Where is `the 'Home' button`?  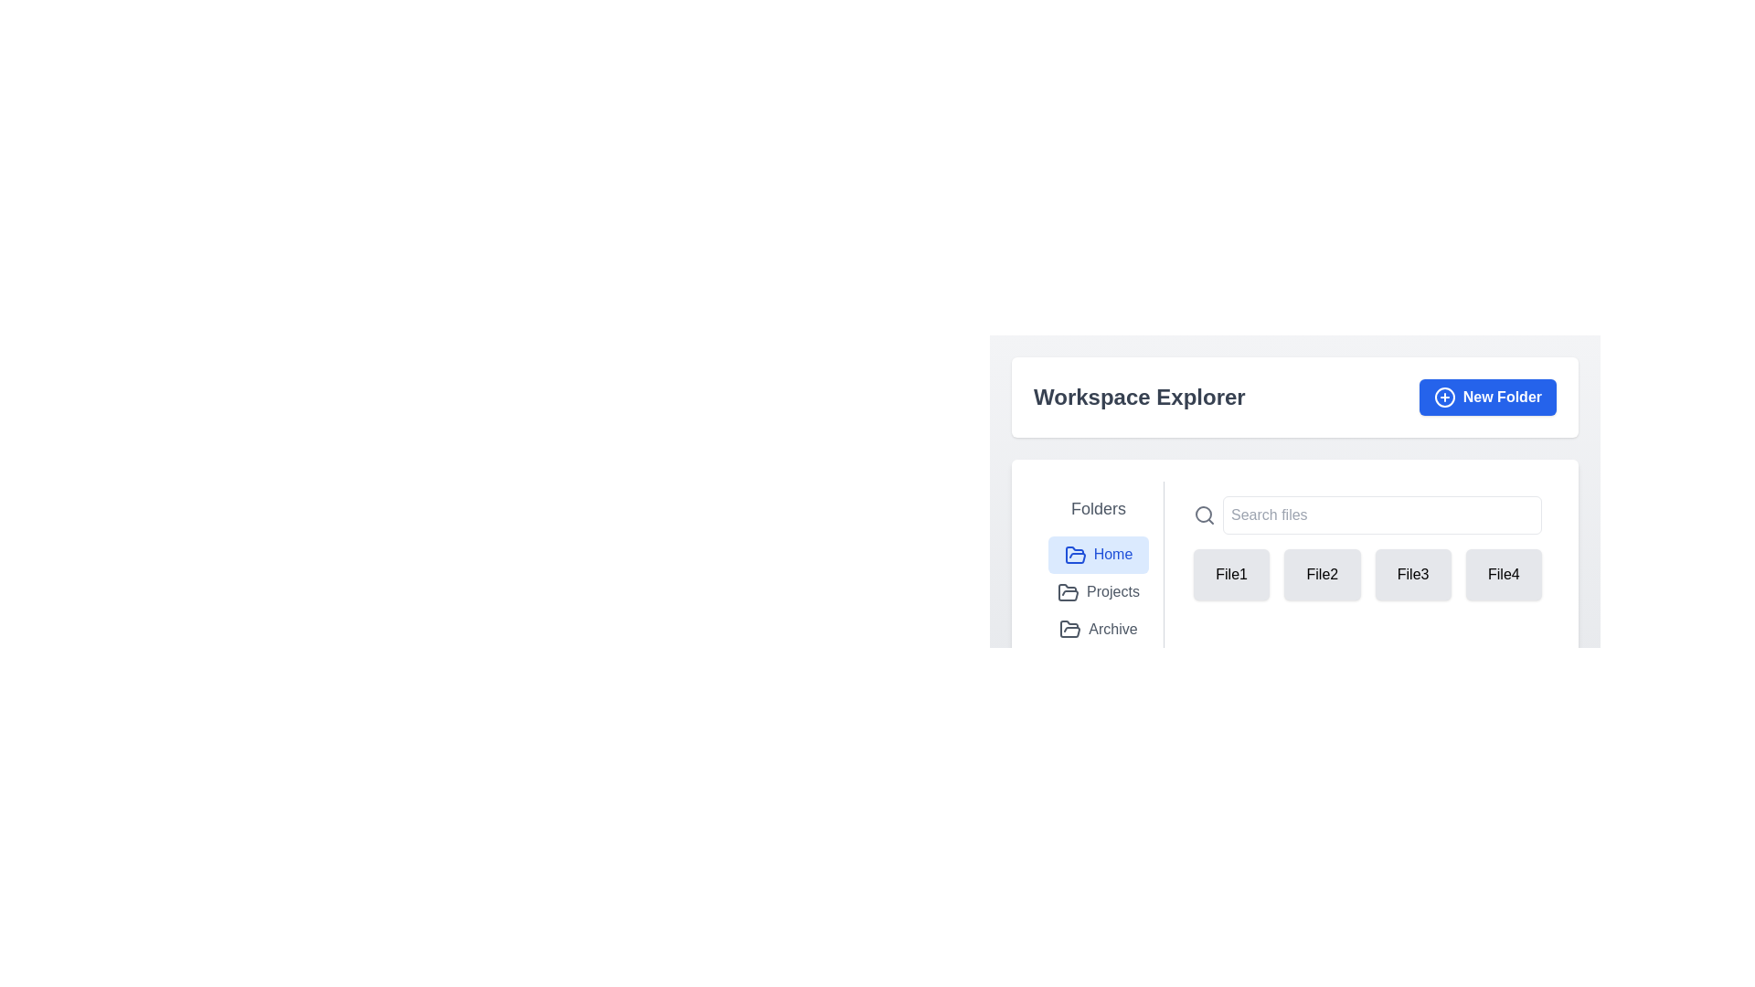 the 'Home' button is located at coordinates (1097, 553).